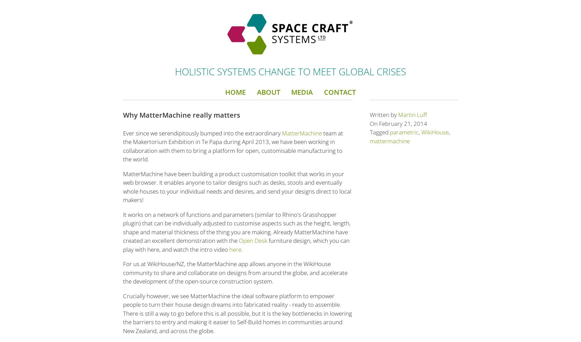  What do you see at coordinates (237, 187) in the screenshot?
I see `'MatterMachine have been building a product customisation toolkit that works in your web browser. It enables anyone to tailor designs such as desks, stools and eventually whole houses to your individual needs and desires, and send your designs direct to local makers!'` at bounding box center [237, 187].